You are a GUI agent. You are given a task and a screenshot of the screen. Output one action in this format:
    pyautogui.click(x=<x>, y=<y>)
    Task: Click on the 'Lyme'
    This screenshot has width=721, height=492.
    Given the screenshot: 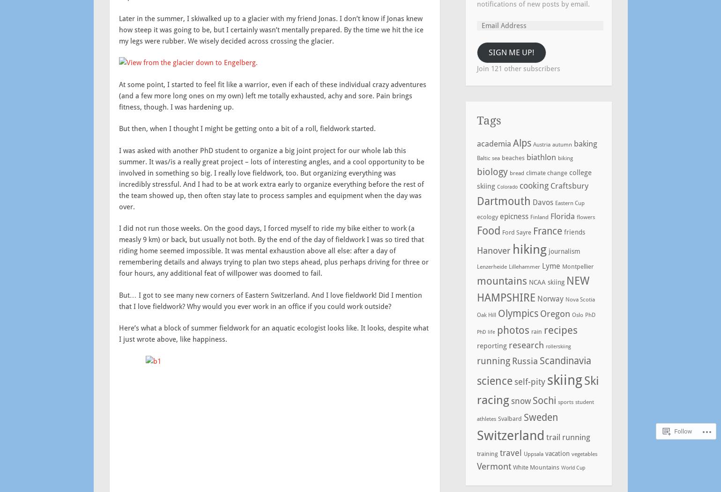 What is the action you would take?
    pyautogui.click(x=550, y=265)
    